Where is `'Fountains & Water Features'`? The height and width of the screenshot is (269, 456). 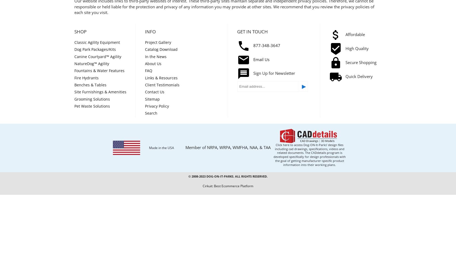
'Fountains & Water Features' is located at coordinates (99, 70).